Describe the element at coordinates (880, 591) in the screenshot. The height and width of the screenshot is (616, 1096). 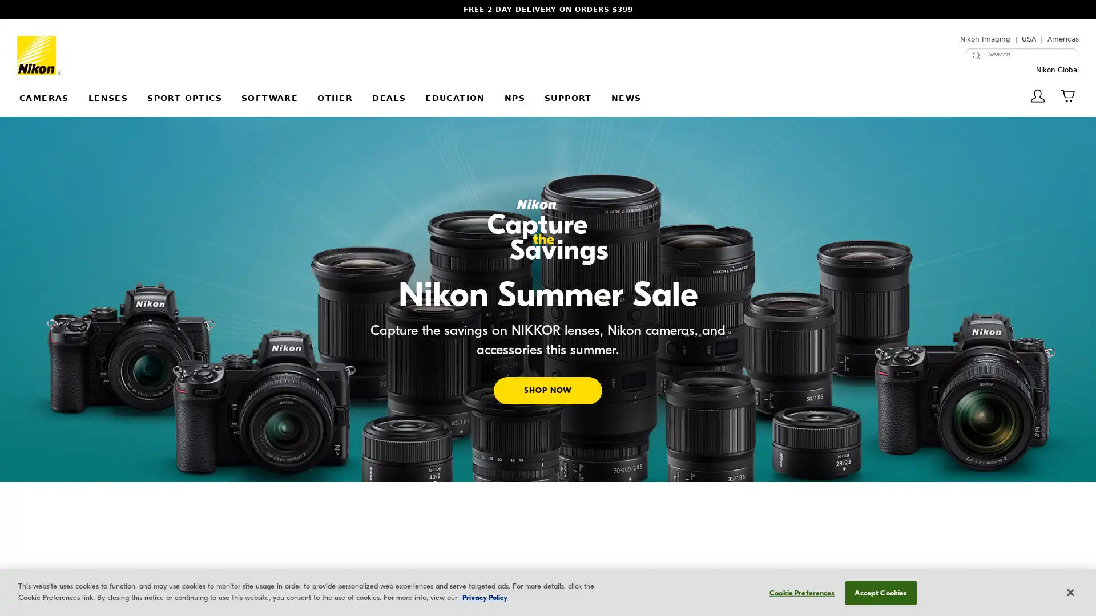
I see `Accept Cookies` at that location.